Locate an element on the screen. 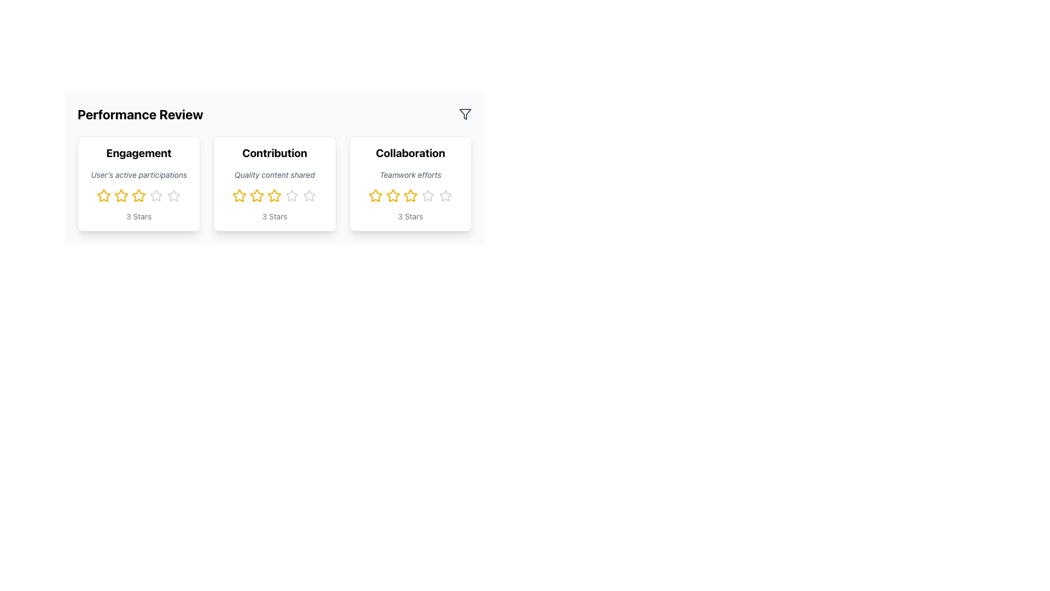  the fourth star icon in the Engagement section of the rating panel, which is part of a five-star rating scale is located at coordinates (156, 195).